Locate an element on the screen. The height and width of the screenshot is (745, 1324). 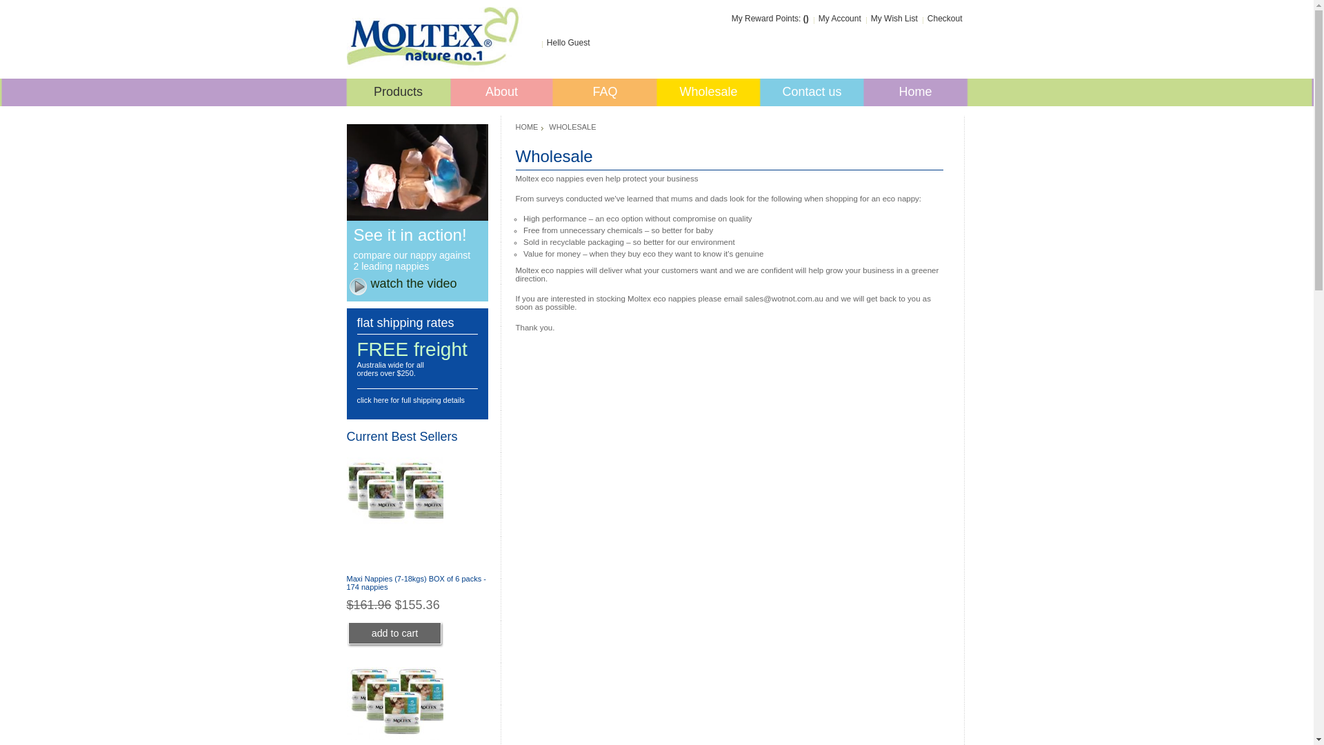
'click here for full shipping details' is located at coordinates (410, 399).